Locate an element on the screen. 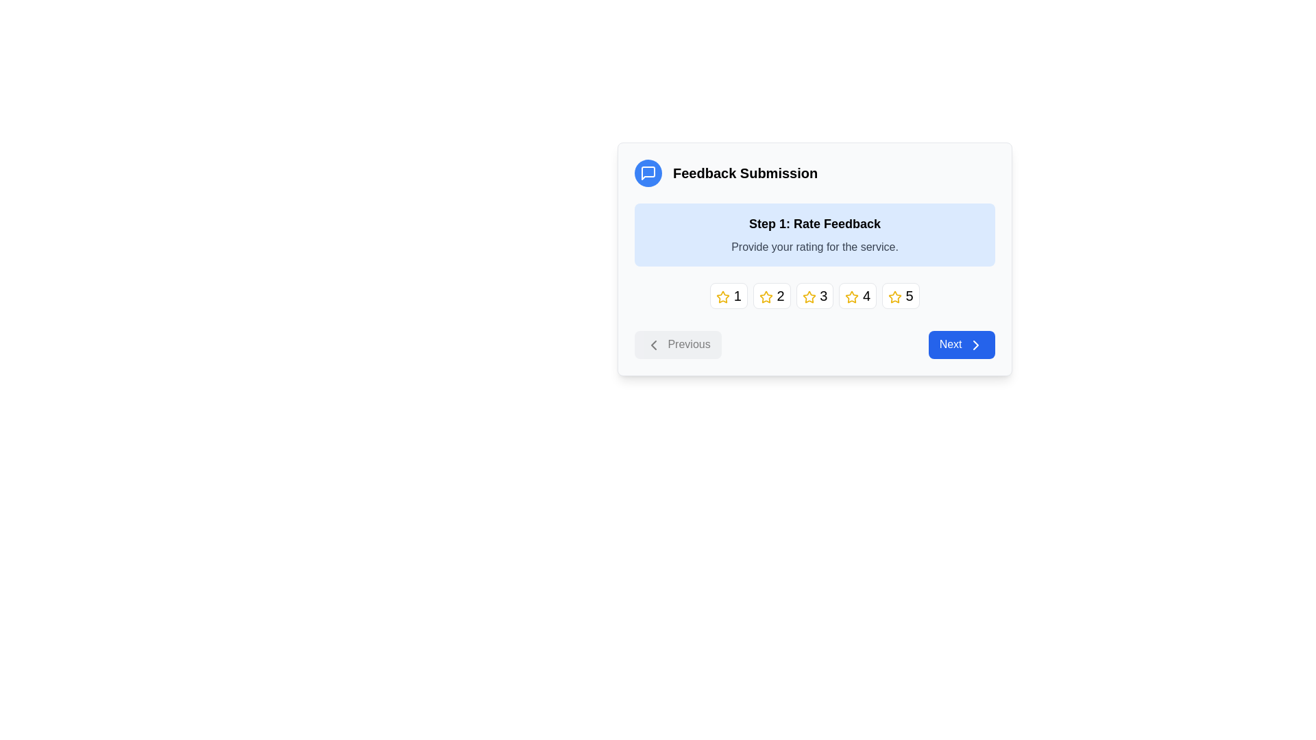 This screenshot has width=1316, height=740. the speech bubble graphical element located in the top-left corner of the 'Feedback Submission' UI card, which is aligned to the left of the title text is located at coordinates (647, 173).